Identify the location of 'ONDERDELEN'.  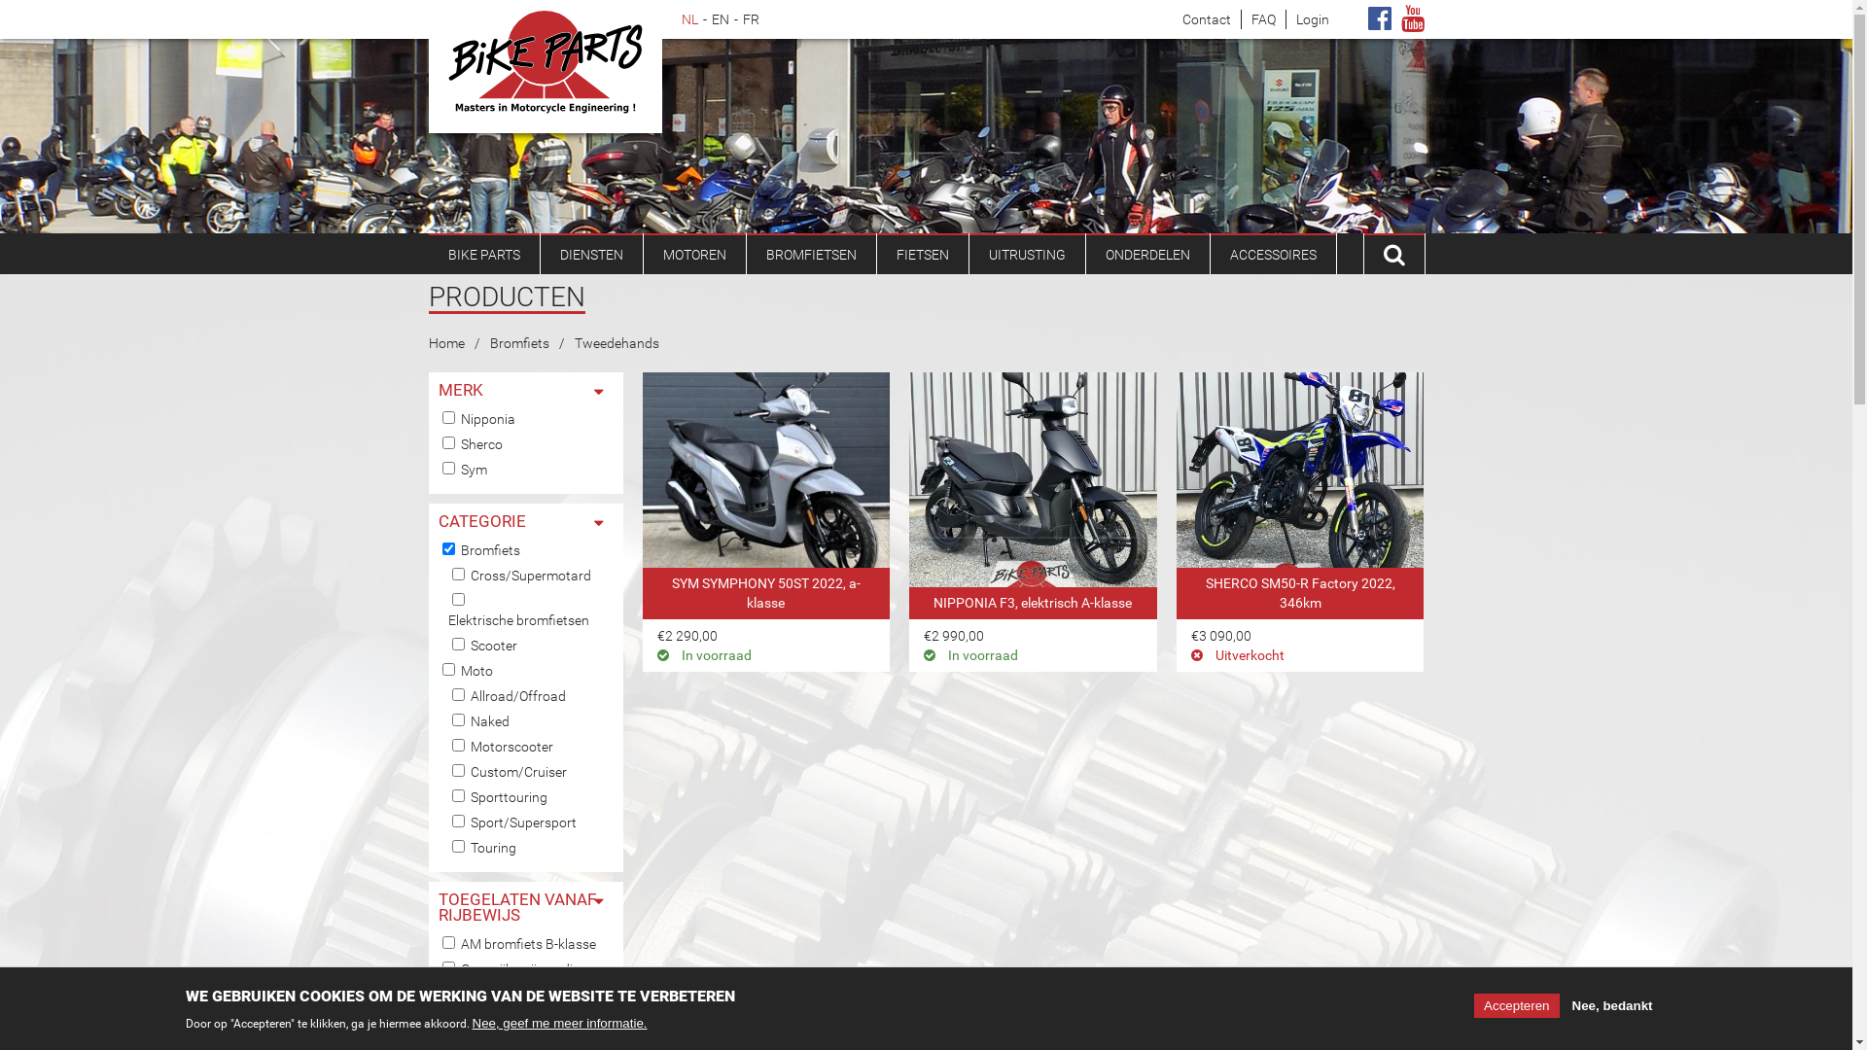
(1146, 253).